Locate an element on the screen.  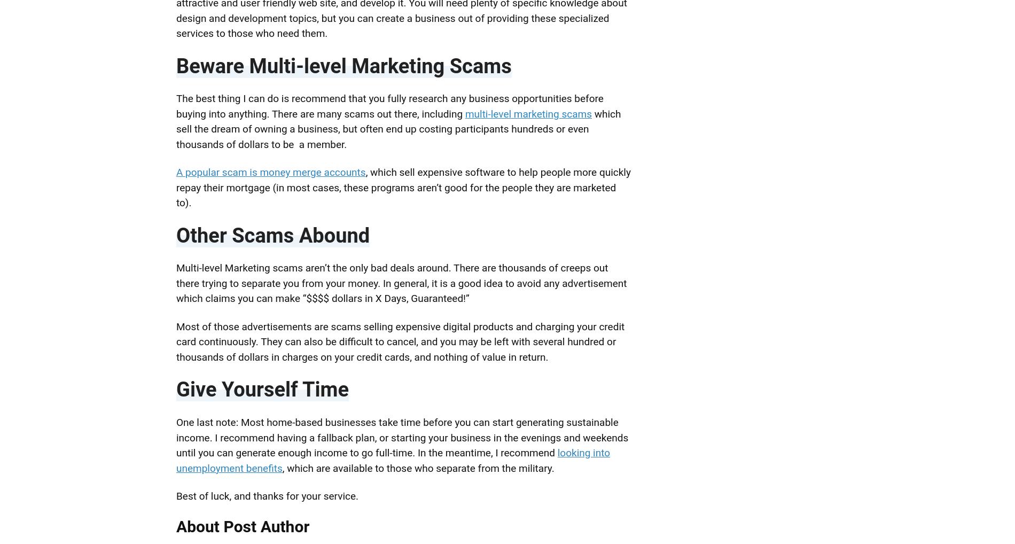
'Give Yourself Time' is located at coordinates (262, 388).